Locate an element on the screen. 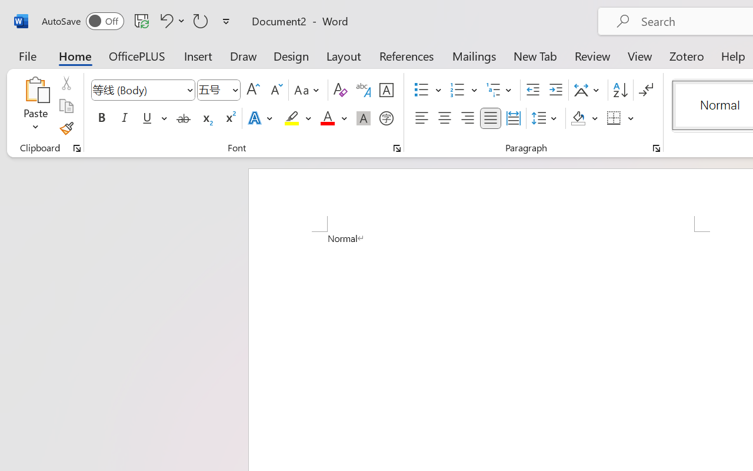 Image resolution: width=753 pixels, height=471 pixels. 'Review' is located at coordinates (592, 55).